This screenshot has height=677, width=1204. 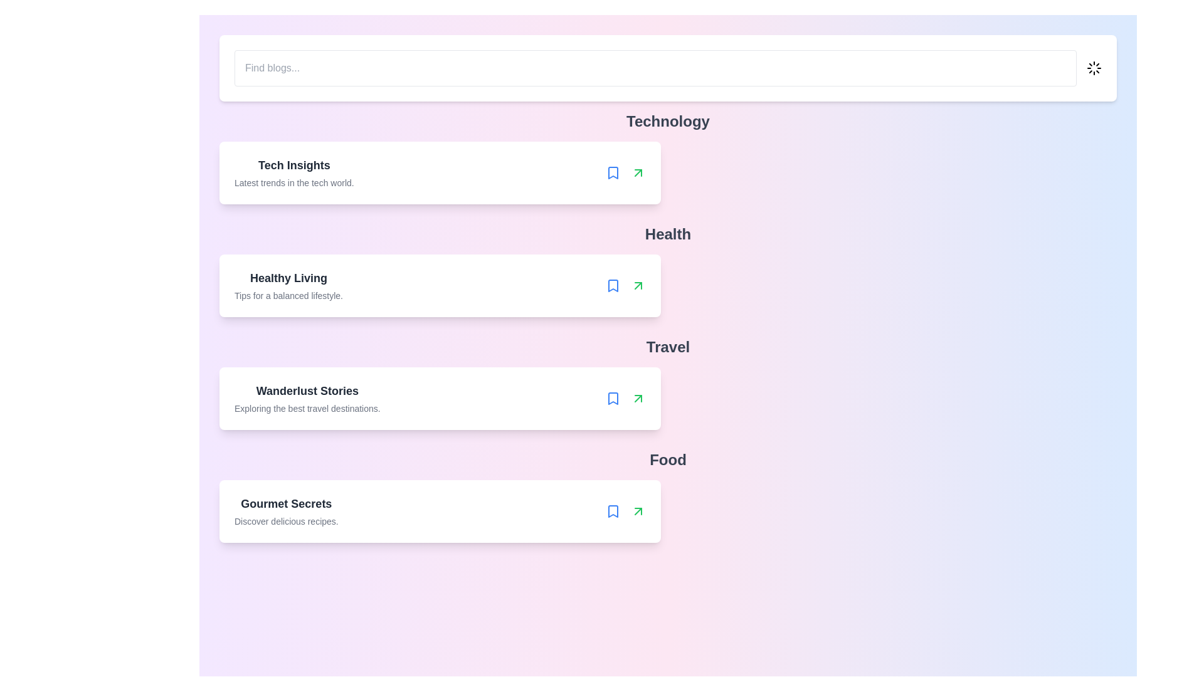 What do you see at coordinates (613, 173) in the screenshot?
I see `the bookmark icon, which is the first icon at the far right of the 'Tech Insights' card, to bookmark the item` at bounding box center [613, 173].